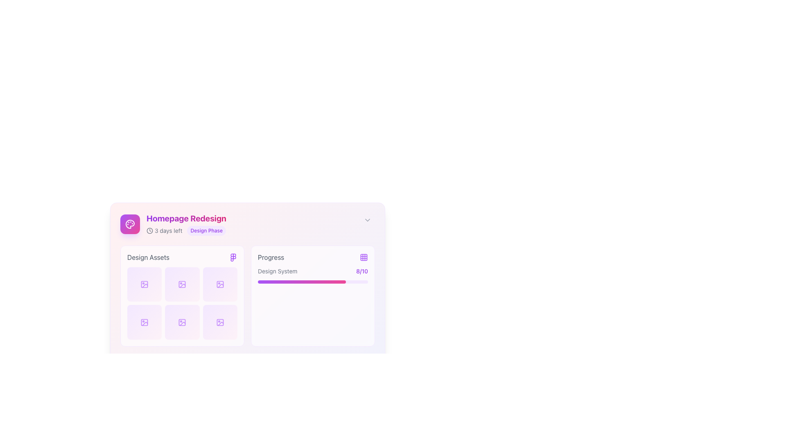  I want to click on the second item, so click(182, 284).